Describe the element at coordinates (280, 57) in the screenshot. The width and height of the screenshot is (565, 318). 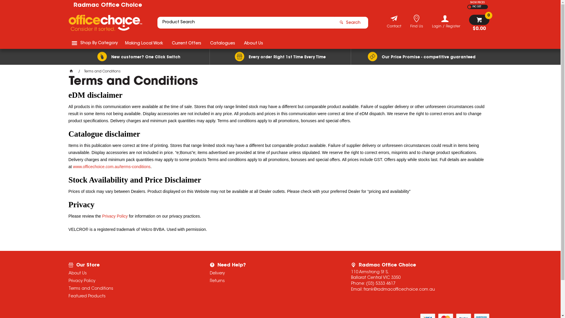
I see `'Every order Right 1st Time Every Time'` at that location.